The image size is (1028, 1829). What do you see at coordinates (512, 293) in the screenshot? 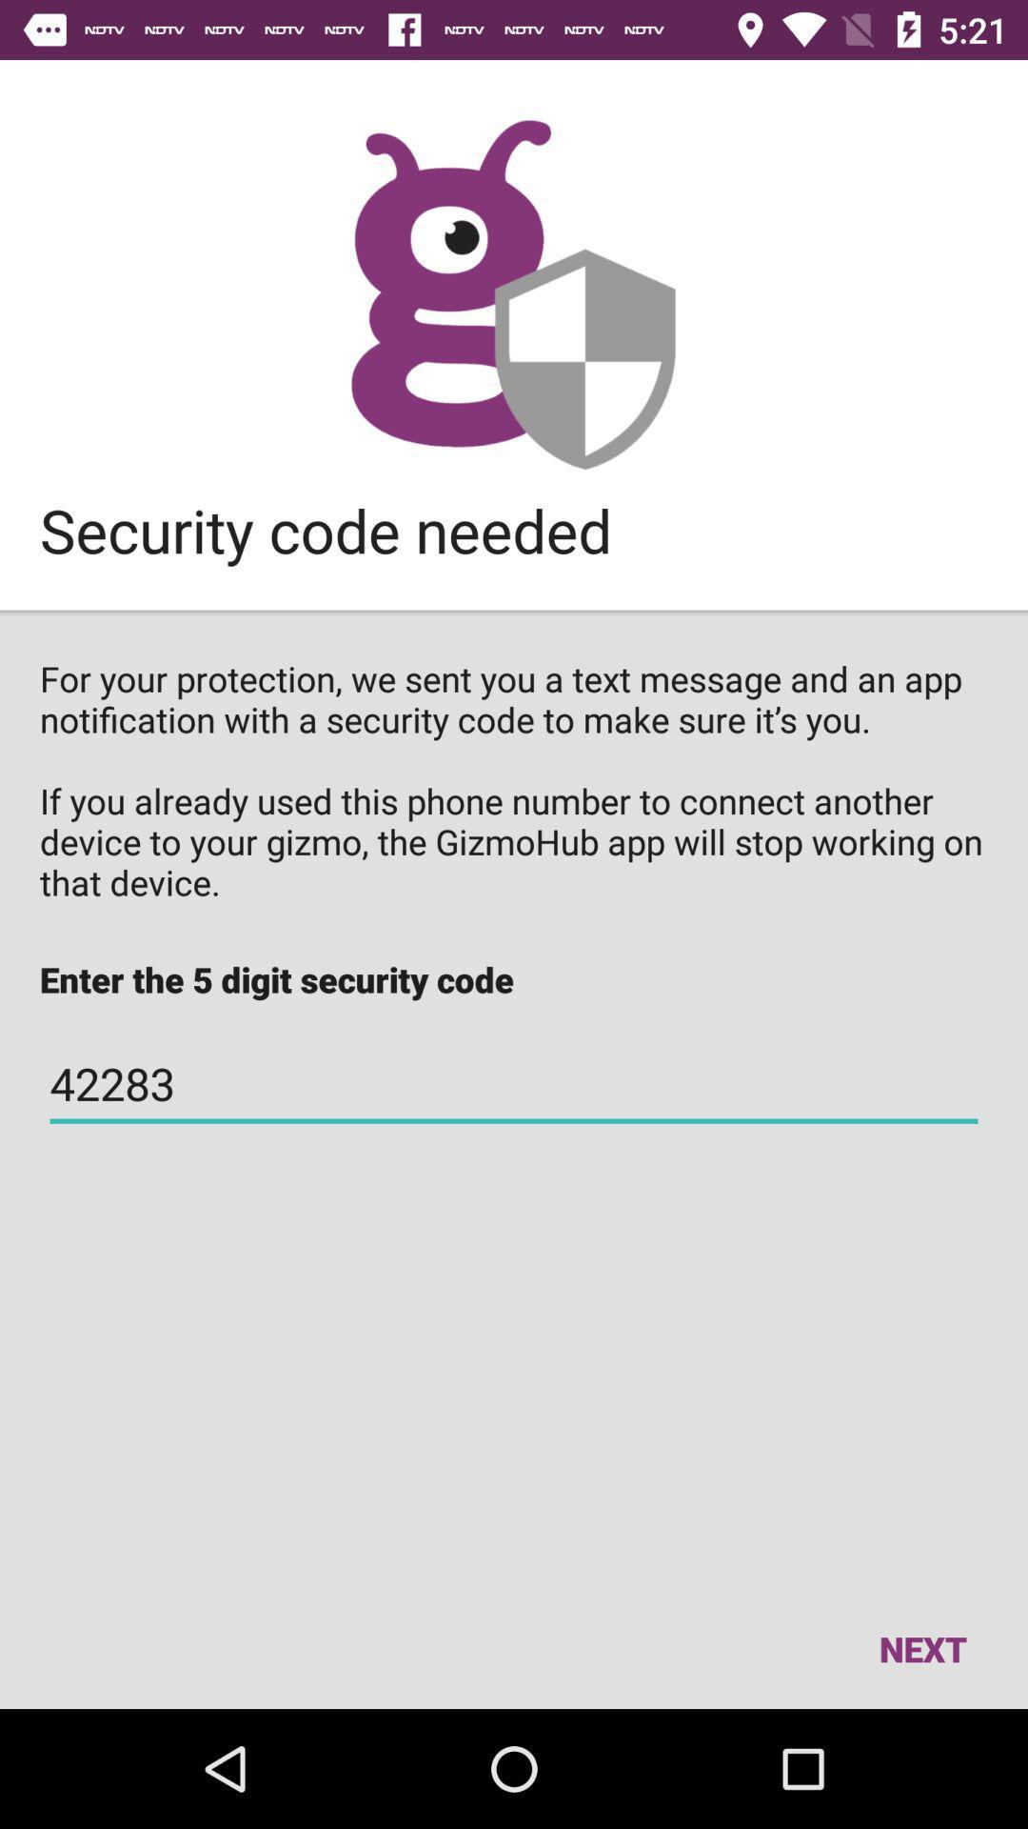
I see `item above the security code needed item` at bounding box center [512, 293].